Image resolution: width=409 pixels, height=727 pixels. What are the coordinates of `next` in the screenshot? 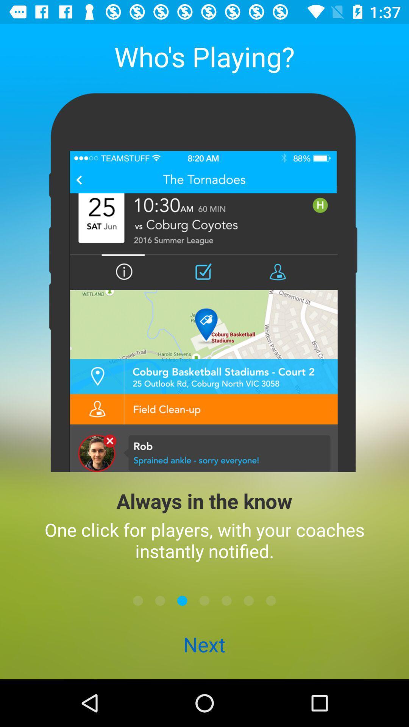 It's located at (204, 645).